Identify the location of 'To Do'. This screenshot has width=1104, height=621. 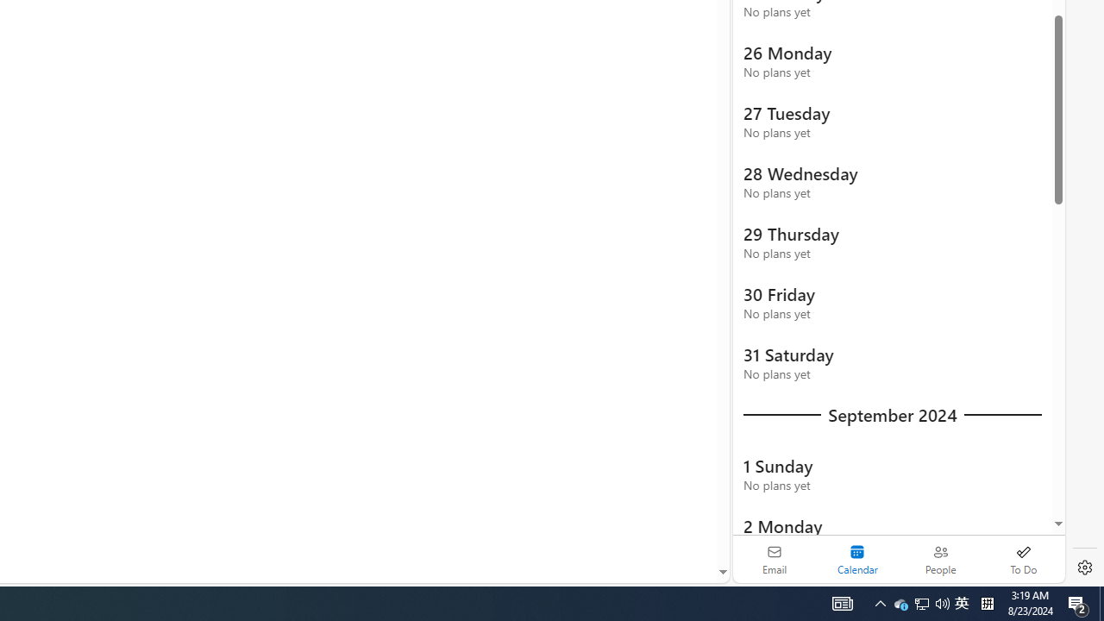
(1023, 559).